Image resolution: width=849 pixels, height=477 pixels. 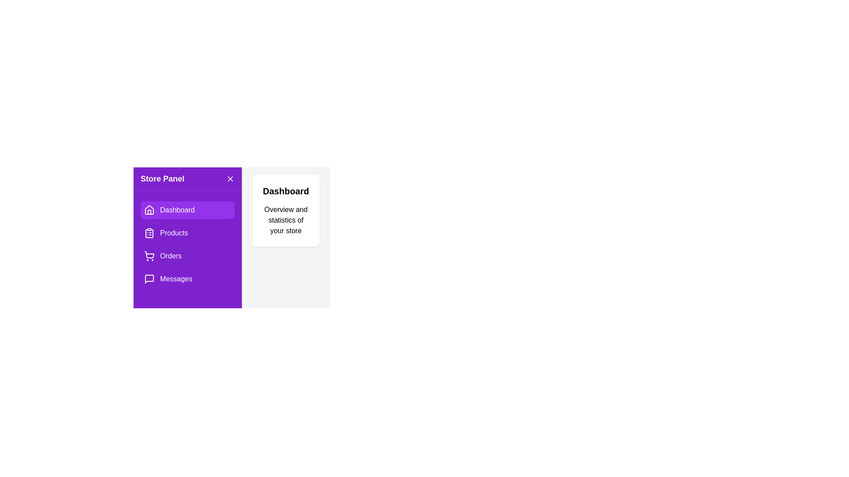 I want to click on close button to toggle the drawer closed, so click(x=230, y=179).